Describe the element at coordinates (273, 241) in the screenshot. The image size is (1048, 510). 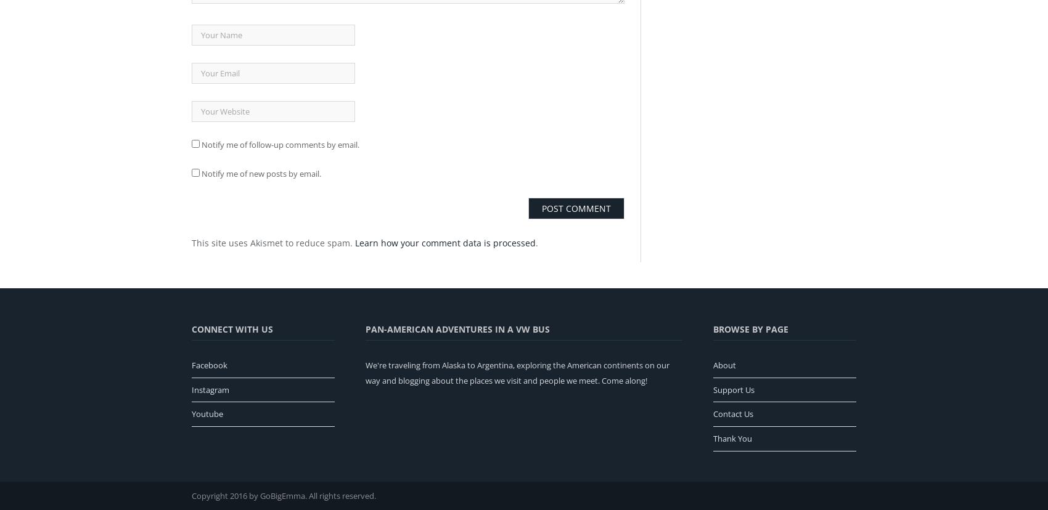
I see `'This site uses Akismet to reduce spam.'` at that location.